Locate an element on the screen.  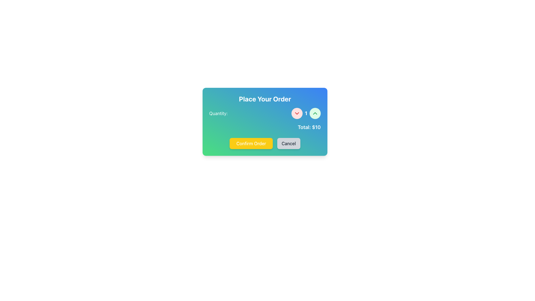
the increment button icon located inside a green circular button near the top-right corner of the modal to indicate interactivity is located at coordinates (315, 113).